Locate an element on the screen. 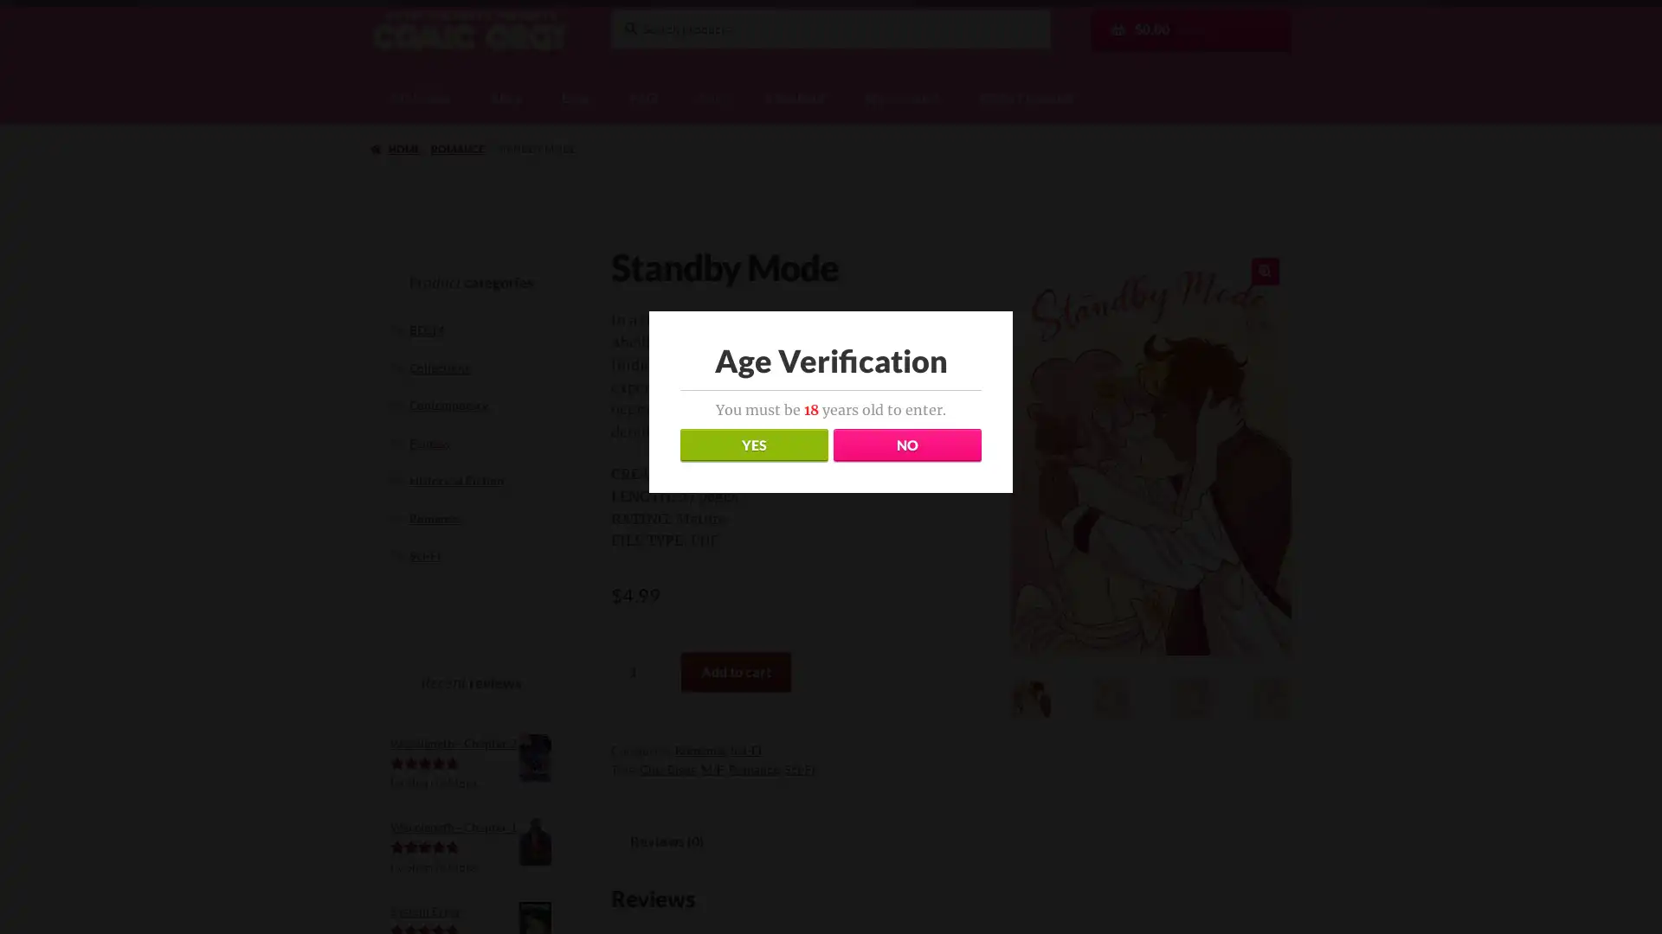  NO is located at coordinates (905, 445).